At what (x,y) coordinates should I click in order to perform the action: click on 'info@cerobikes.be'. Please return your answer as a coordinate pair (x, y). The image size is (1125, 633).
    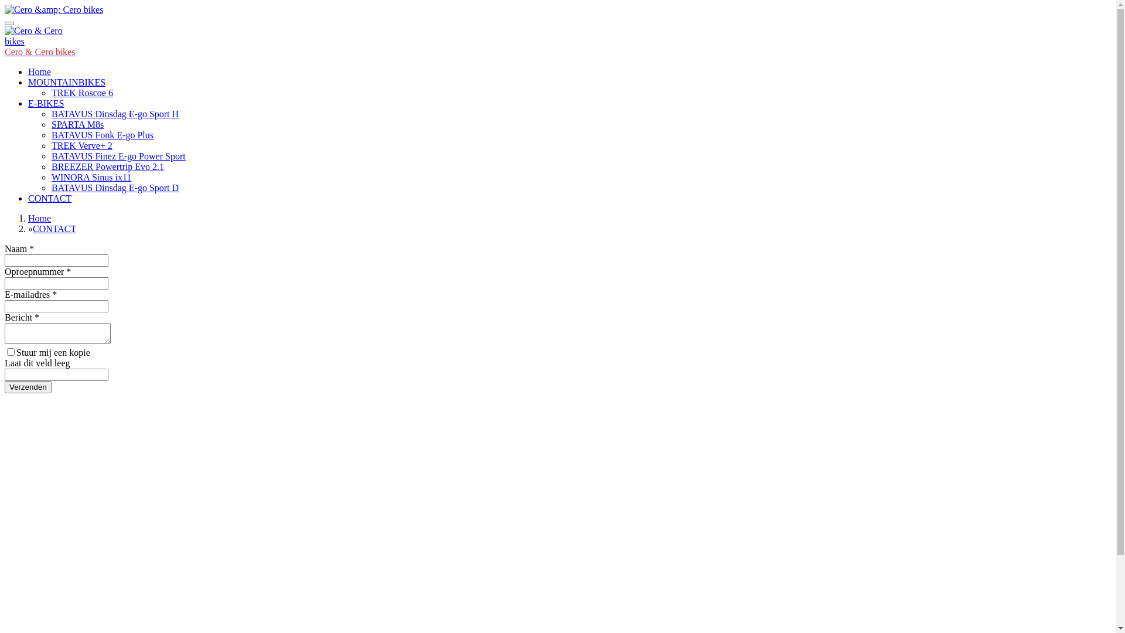
    Looking at the image, I should click on (40, 583).